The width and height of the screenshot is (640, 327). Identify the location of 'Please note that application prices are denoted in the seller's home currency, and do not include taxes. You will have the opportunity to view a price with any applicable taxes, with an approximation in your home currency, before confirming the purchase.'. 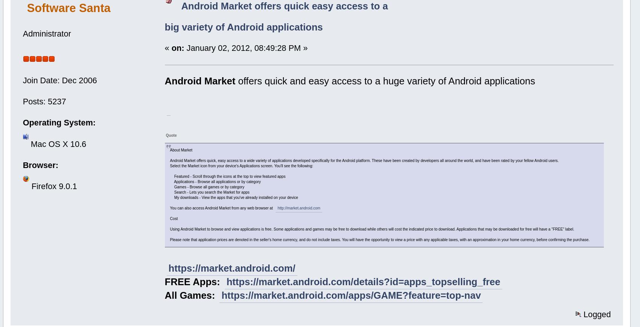
(170, 239).